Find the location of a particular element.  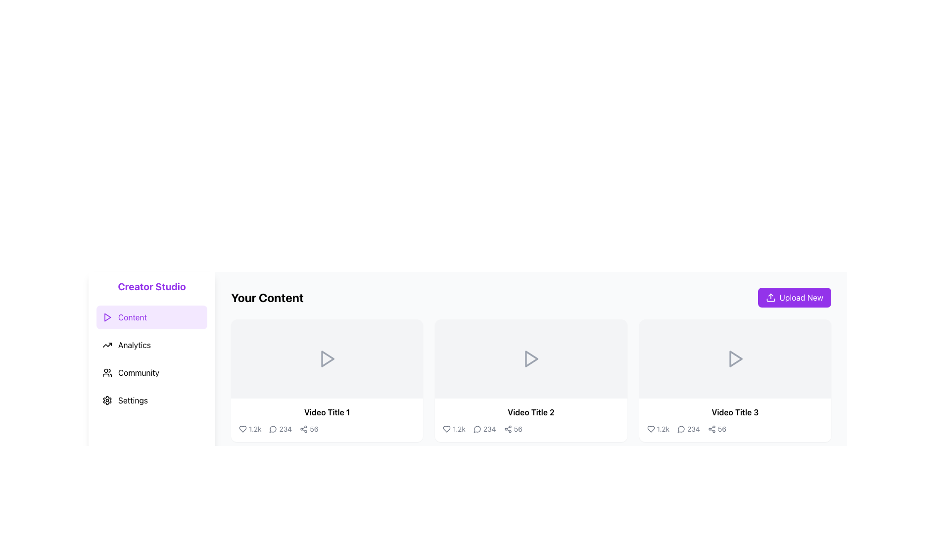

the first interactive video card is located at coordinates (327, 380).